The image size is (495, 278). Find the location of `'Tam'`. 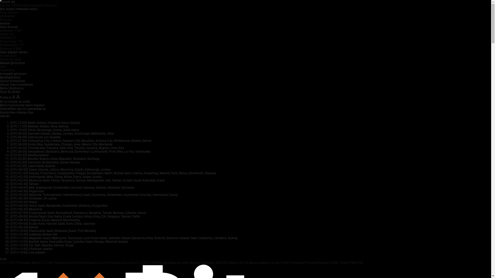

'Tam' is located at coordinates (3, 66).